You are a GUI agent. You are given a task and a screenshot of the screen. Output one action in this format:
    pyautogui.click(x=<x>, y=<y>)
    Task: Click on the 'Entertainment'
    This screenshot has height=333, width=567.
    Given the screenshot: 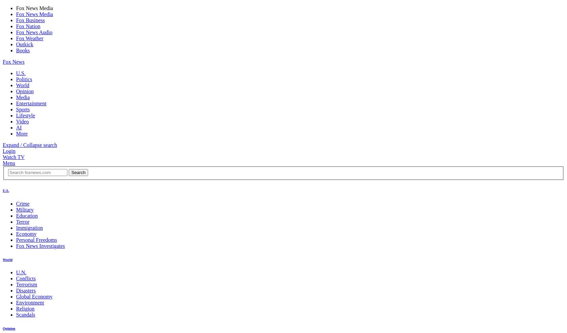 What is the action you would take?
    pyautogui.click(x=31, y=103)
    